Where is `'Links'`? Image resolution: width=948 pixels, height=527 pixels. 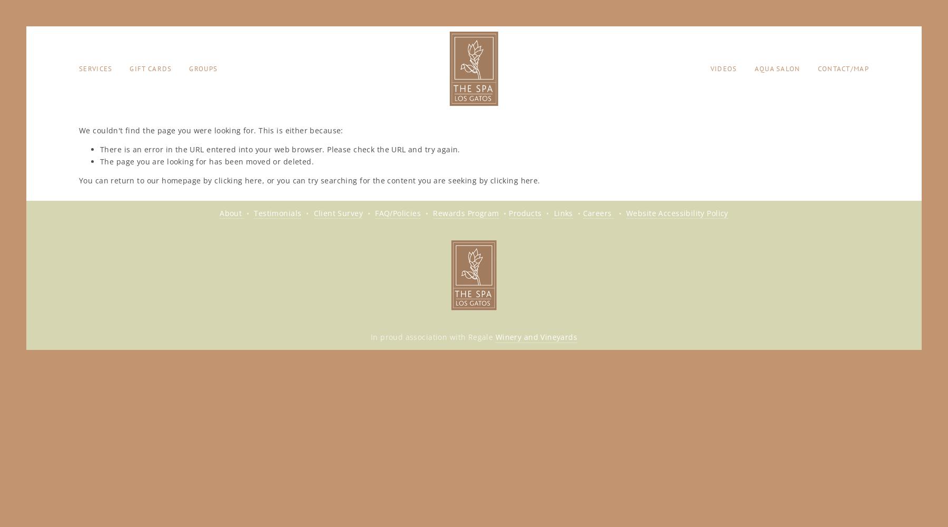
'Links' is located at coordinates (562, 212).